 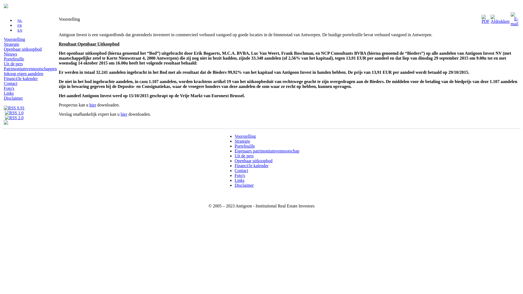 I want to click on 'Links', so click(x=234, y=180).